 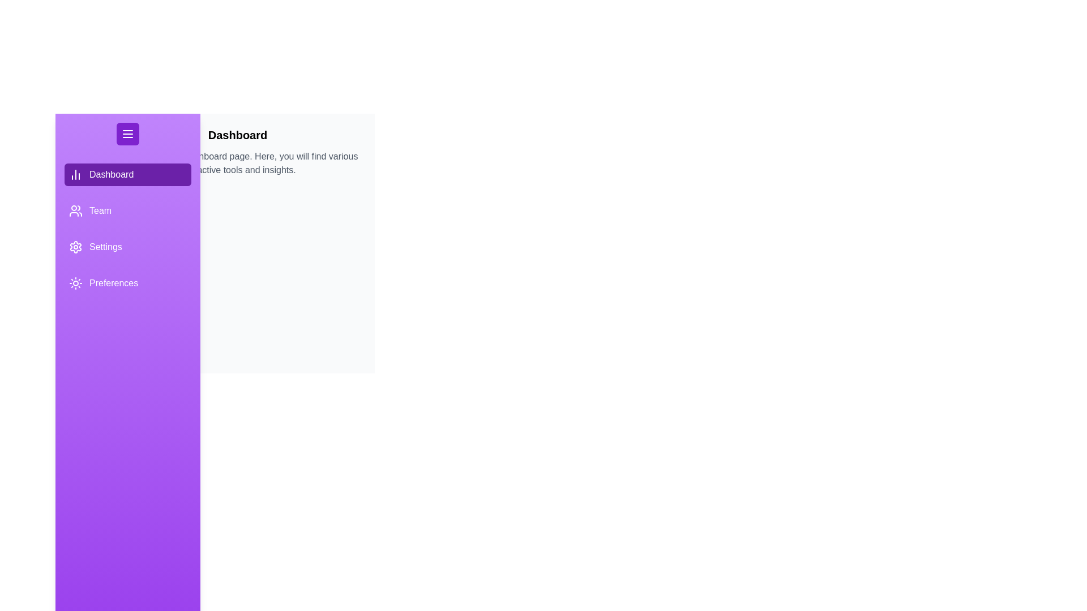 What do you see at coordinates (127, 246) in the screenshot?
I see `the tab labeled Settings by clicking on it` at bounding box center [127, 246].